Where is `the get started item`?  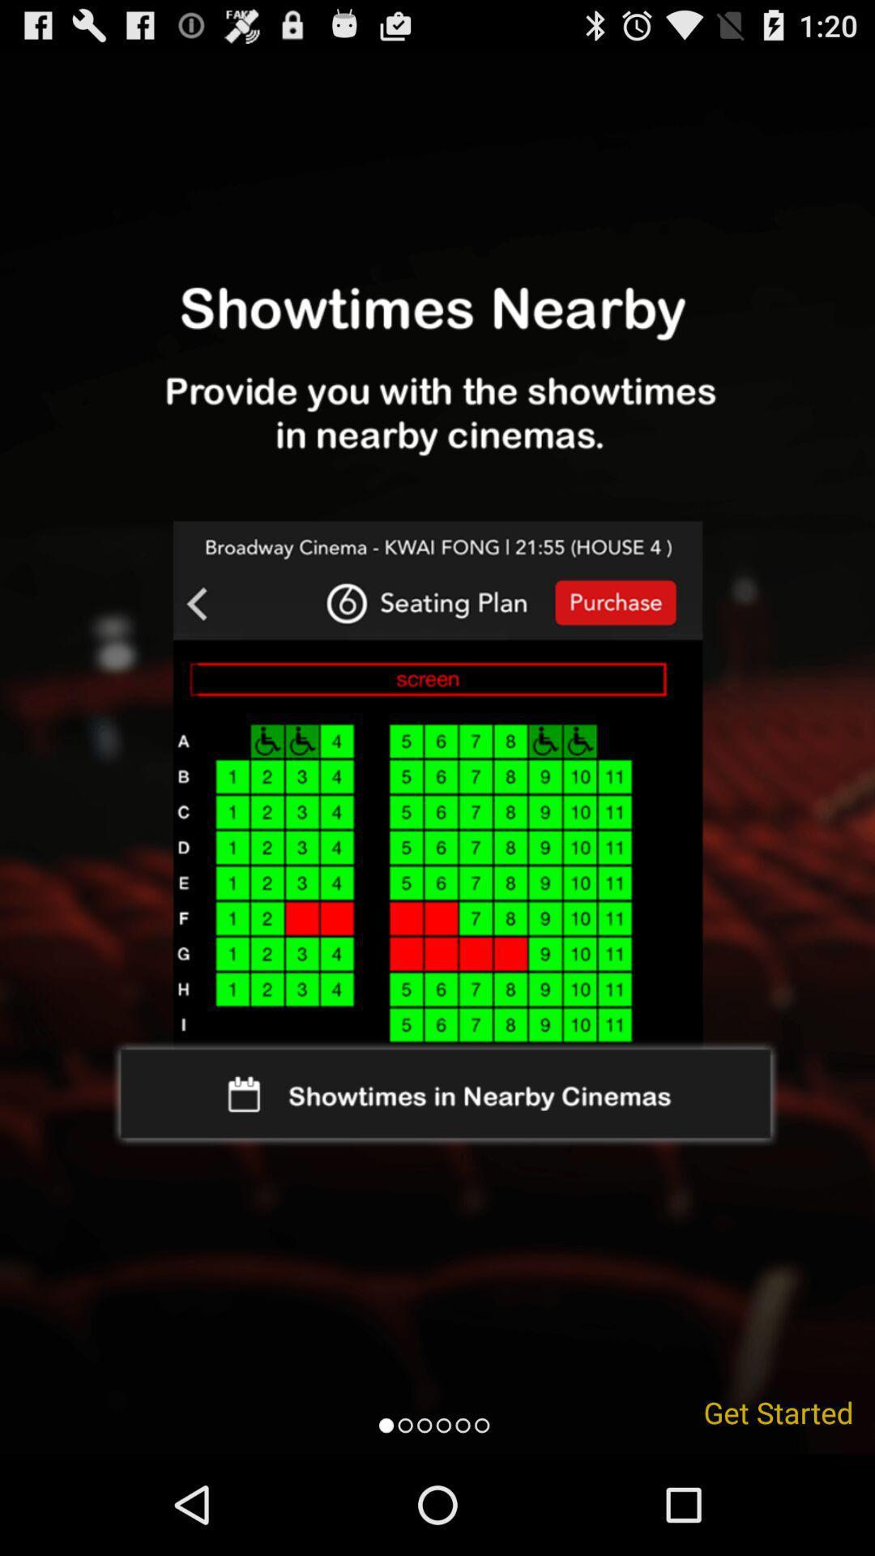 the get started item is located at coordinates (778, 1411).